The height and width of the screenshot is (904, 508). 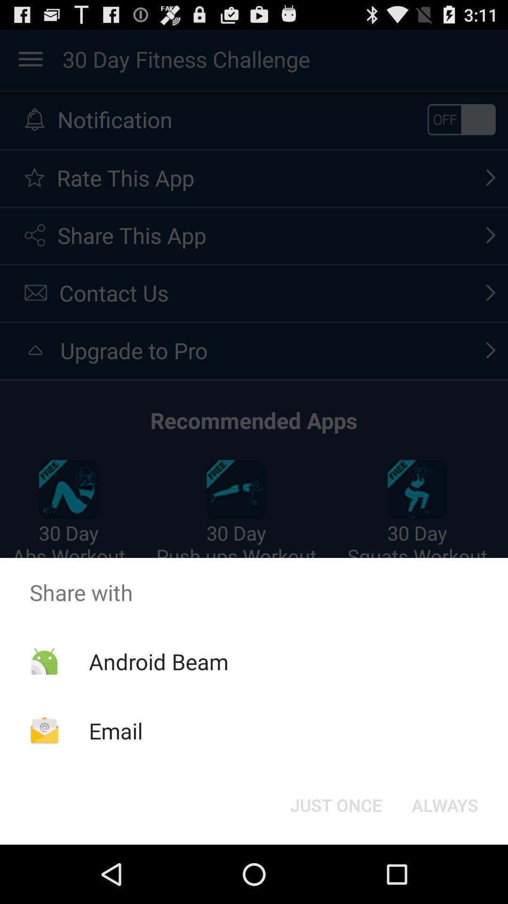 I want to click on the icon to the left of the always item, so click(x=335, y=804).